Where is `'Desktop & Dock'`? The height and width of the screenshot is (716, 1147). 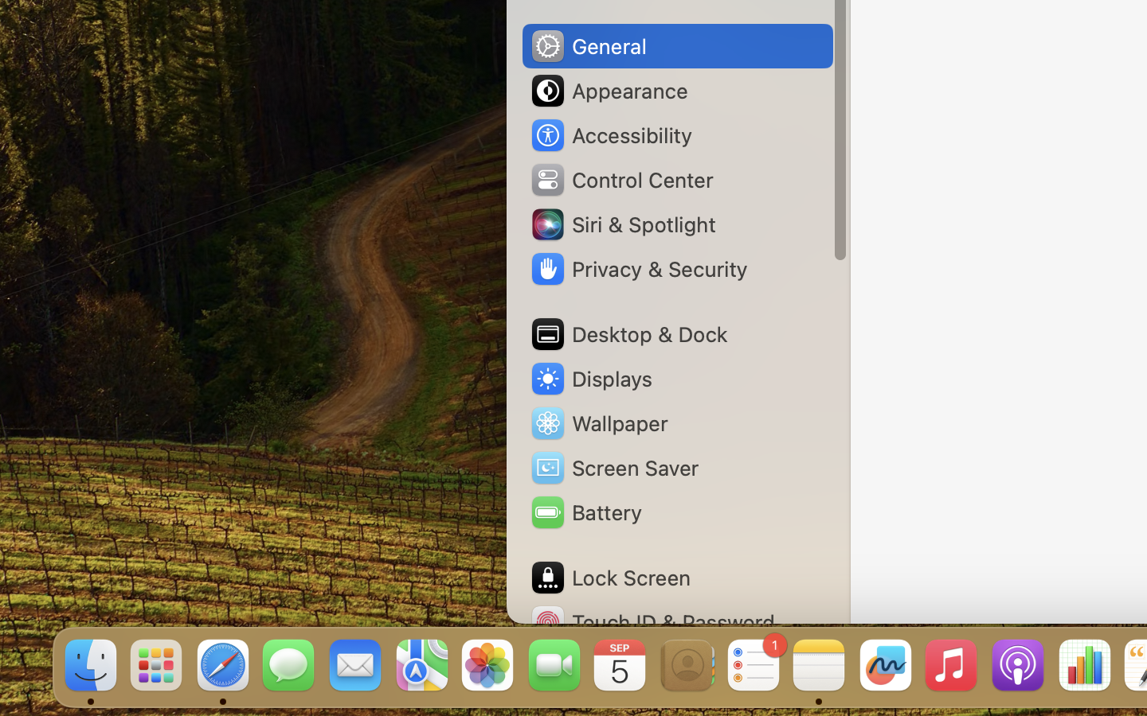
'Desktop & Dock' is located at coordinates (628, 334).